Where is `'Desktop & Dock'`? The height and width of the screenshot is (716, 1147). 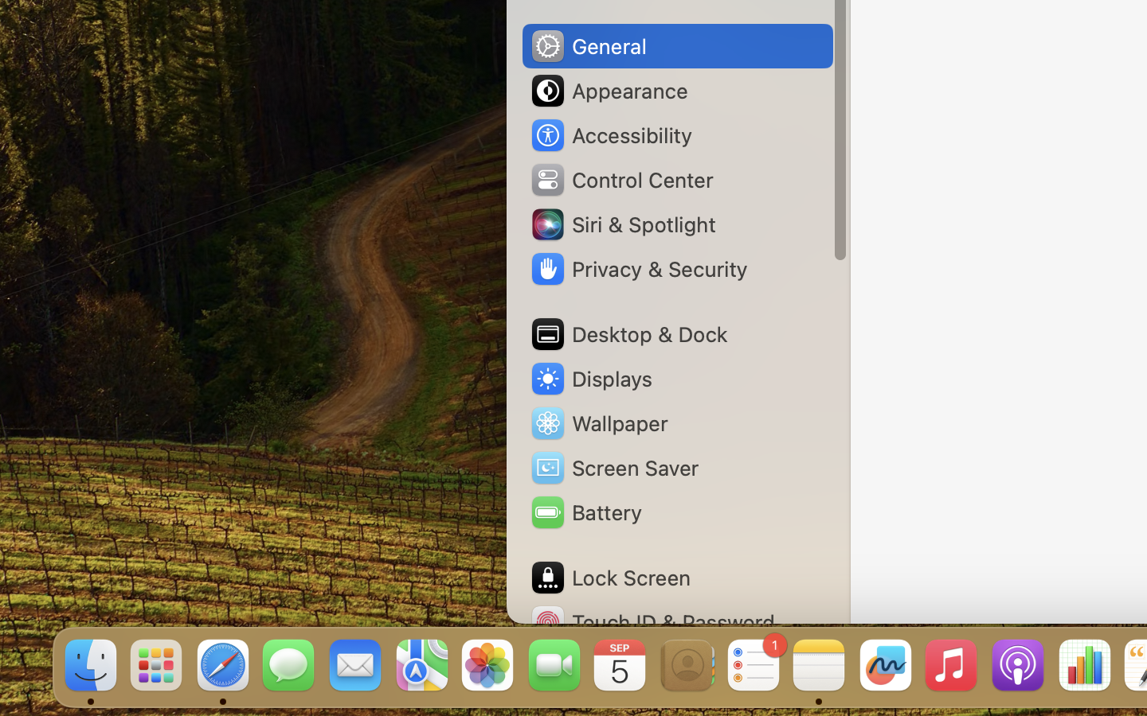
'Desktop & Dock' is located at coordinates (628, 334).